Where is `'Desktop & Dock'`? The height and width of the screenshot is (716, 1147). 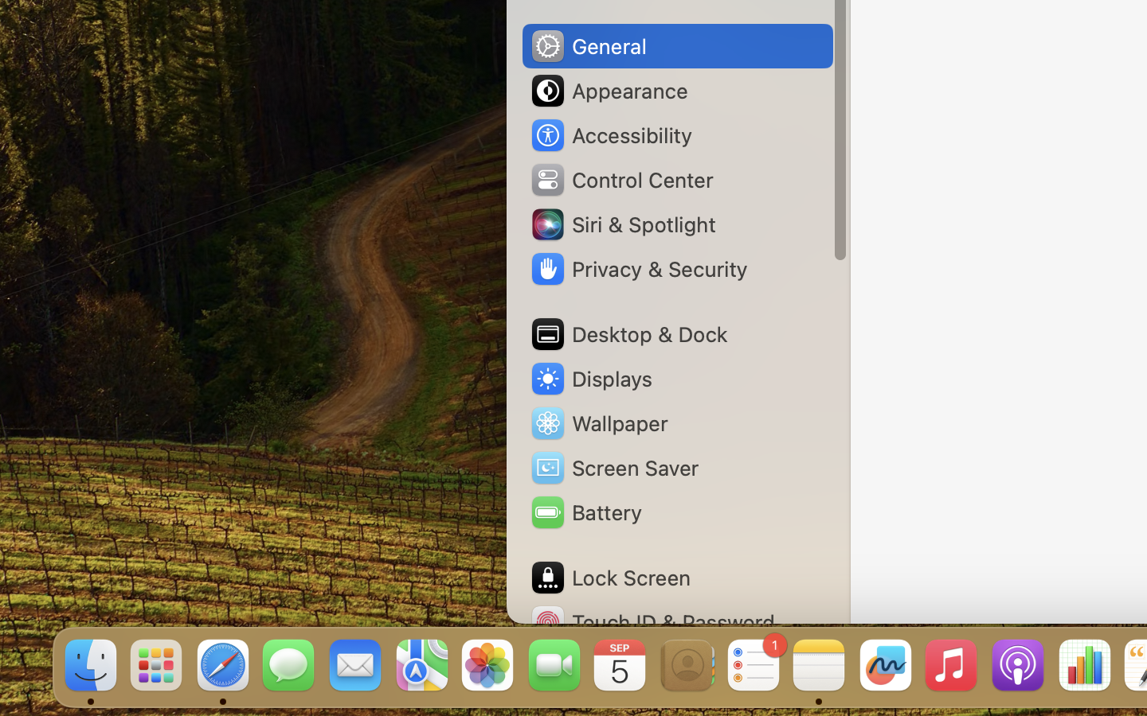
'Desktop & Dock' is located at coordinates (628, 334).